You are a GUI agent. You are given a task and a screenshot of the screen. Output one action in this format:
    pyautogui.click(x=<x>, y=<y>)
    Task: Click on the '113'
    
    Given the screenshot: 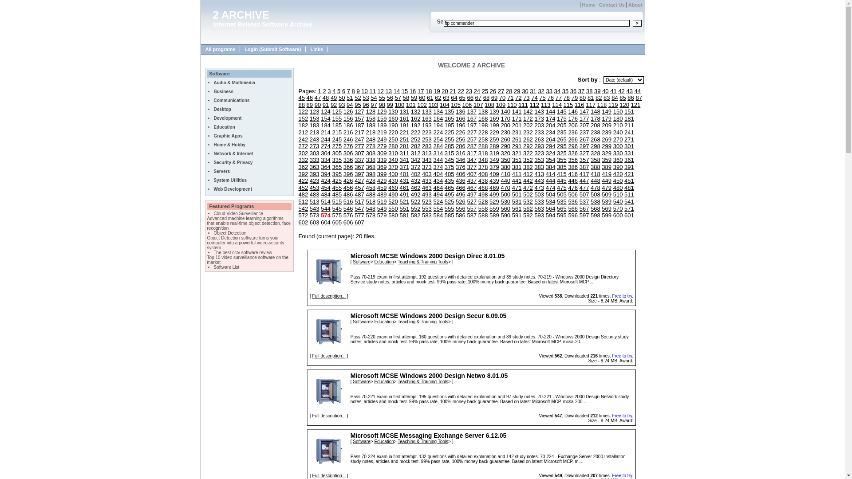 What is the action you would take?
    pyautogui.click(x=545, y=104)
    